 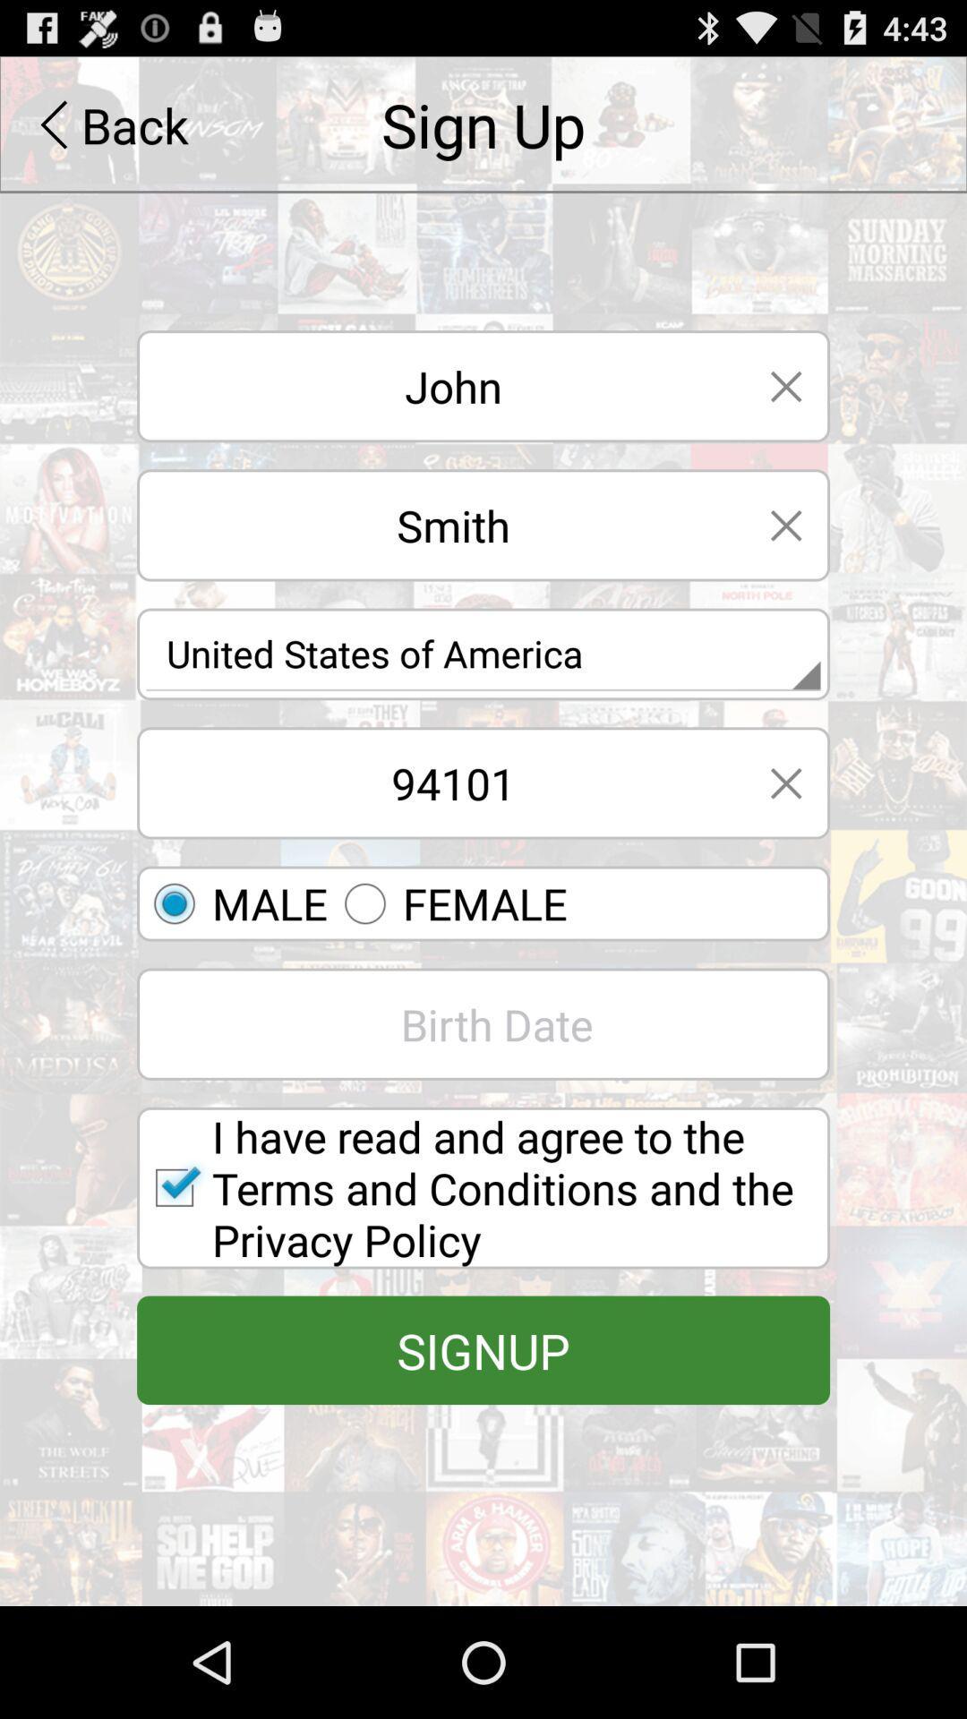 What do you see at coordinates (785, 783) in the screenshot?
I see `x` at bounding box center [785, 783].